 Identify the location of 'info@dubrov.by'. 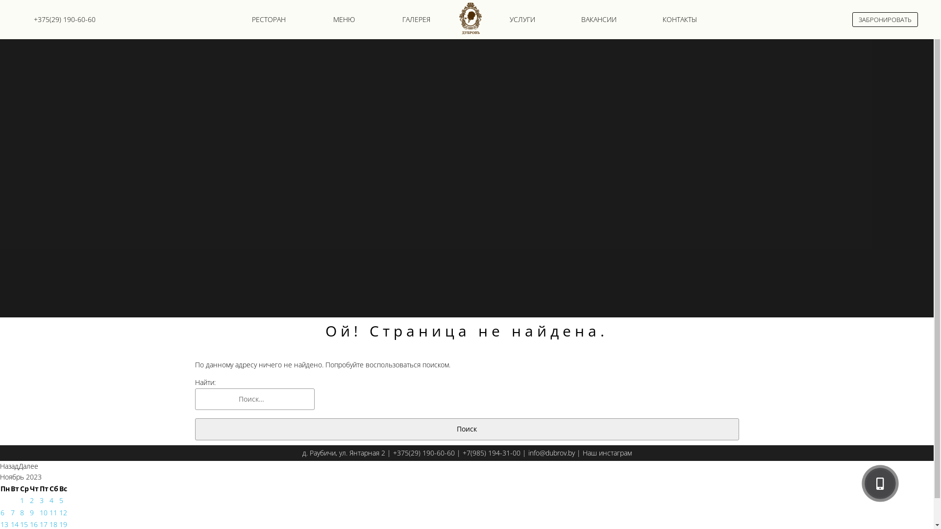
(551, 453).